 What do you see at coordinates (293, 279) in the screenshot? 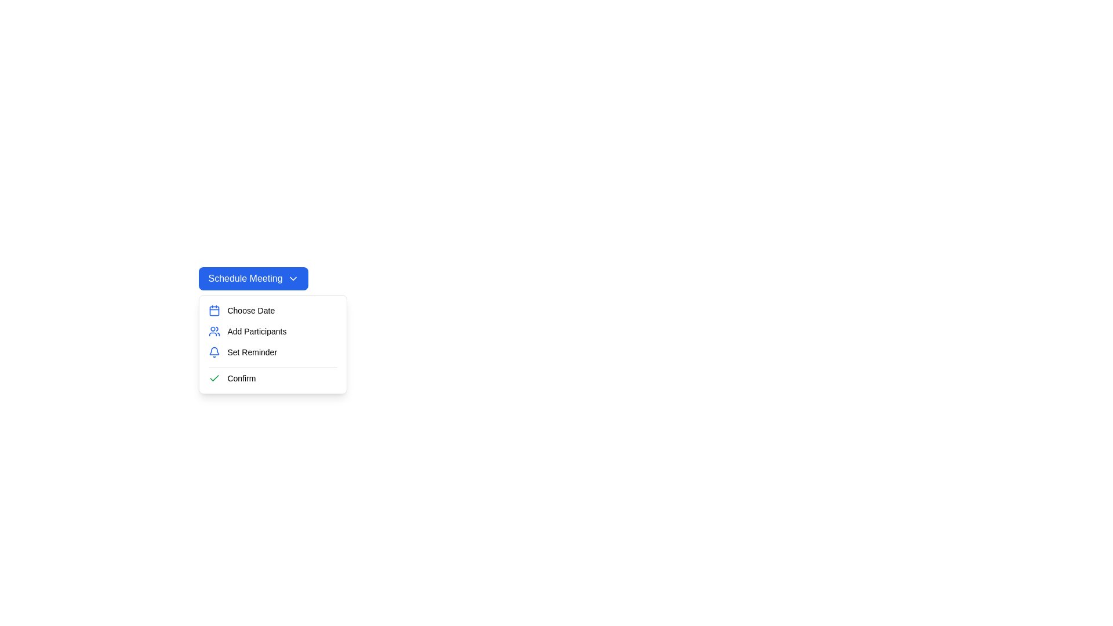
I see `the downward-pointing chevron icon located to the right of the text within the 'Schedule Meeting' button` at bounding box center [293, 279].